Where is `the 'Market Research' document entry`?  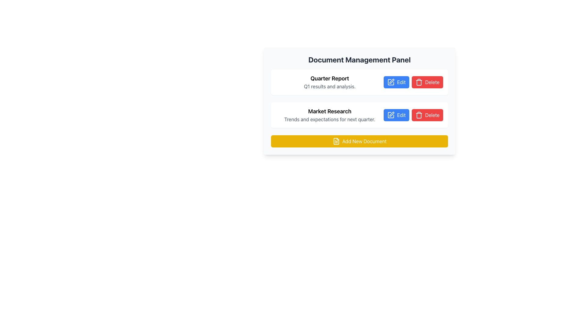 the 'Market Research' document entry is located at coordinates (359, 108).